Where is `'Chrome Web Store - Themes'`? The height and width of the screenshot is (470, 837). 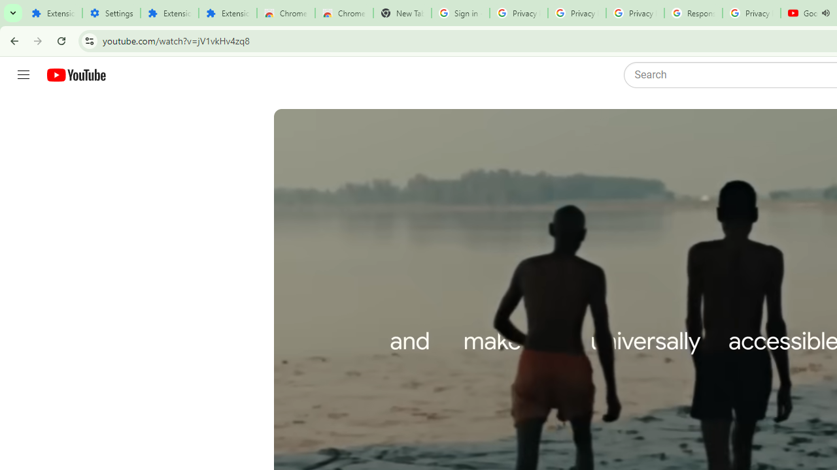 'Chrome Web Store - Themes' is located at coordinates (344, 13).